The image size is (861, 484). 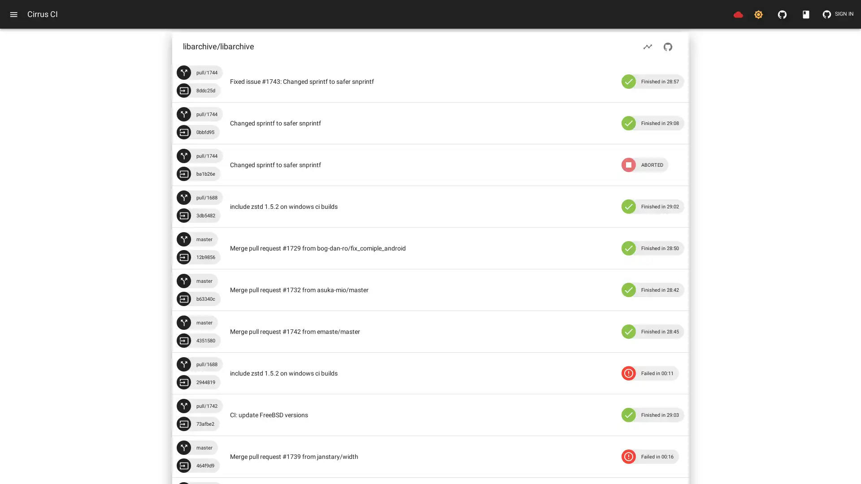 What do you see at coordinates (197, 465) in the screenshot?
I see `464f9d9` at bounding box center [197, 465].